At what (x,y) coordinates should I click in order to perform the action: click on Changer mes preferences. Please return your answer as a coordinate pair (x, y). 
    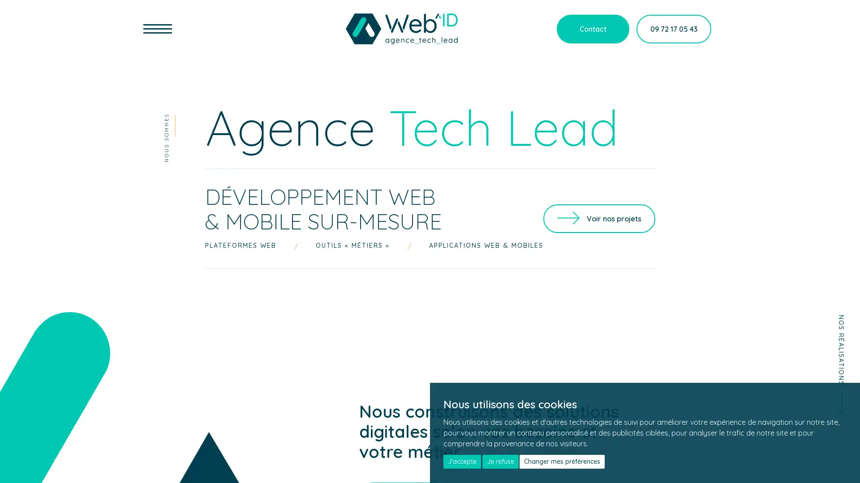
    Looking at the image, I should click on (561, 461).